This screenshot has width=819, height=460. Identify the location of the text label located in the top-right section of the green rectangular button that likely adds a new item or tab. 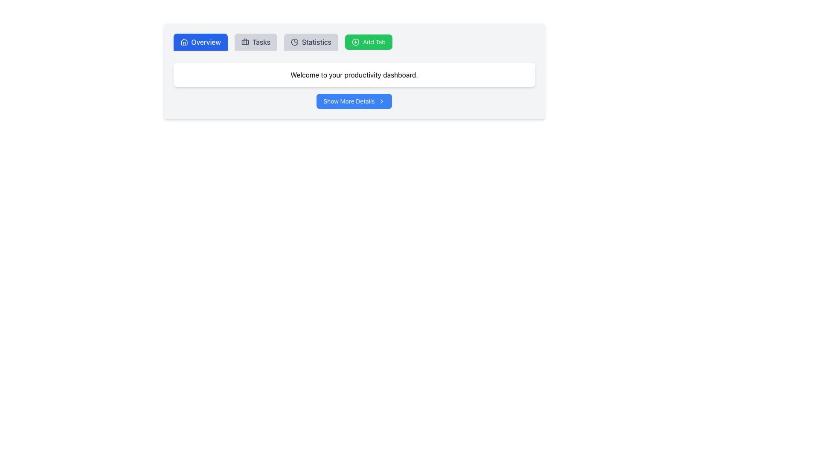
(374, 42).